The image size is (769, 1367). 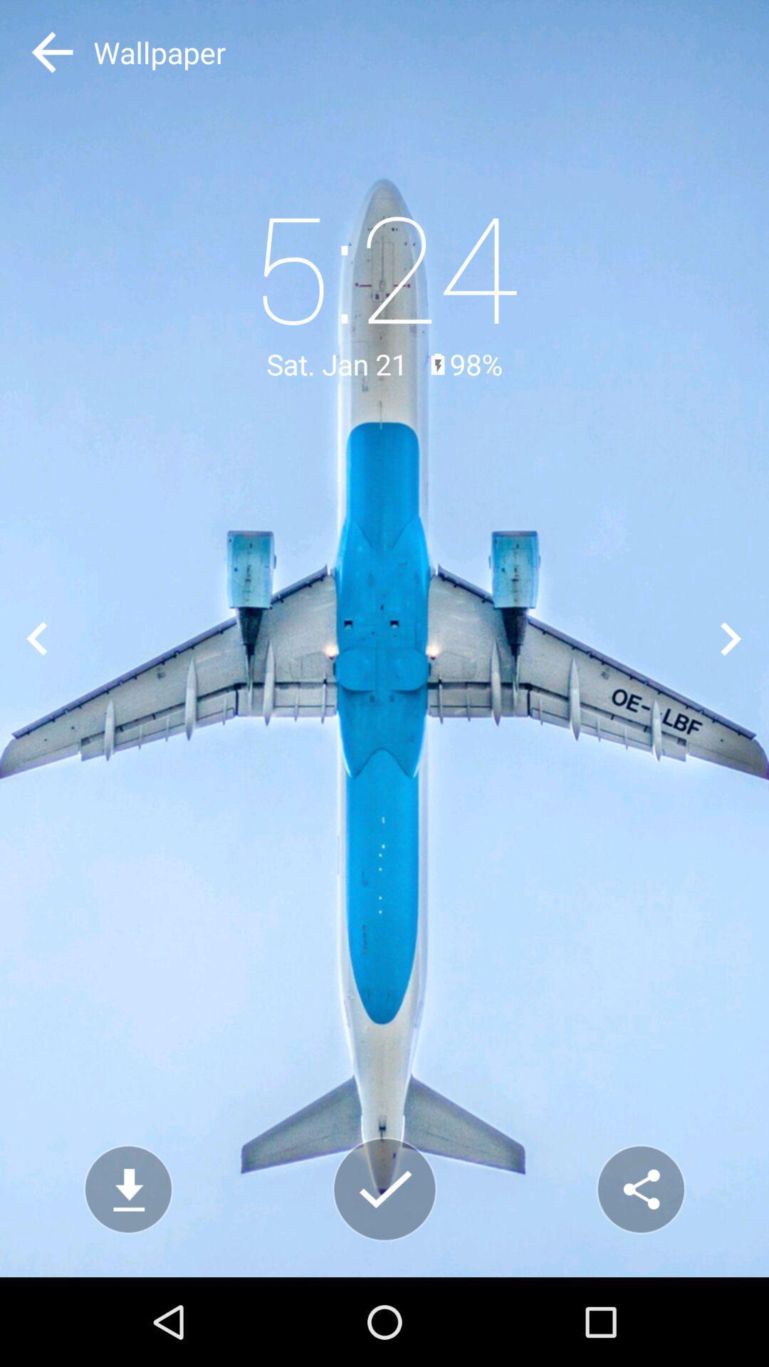 What do you see at coordinates (36, 638) in the screenshot?
I see `the arrow_backward icon` at bounding box center [36, 638].